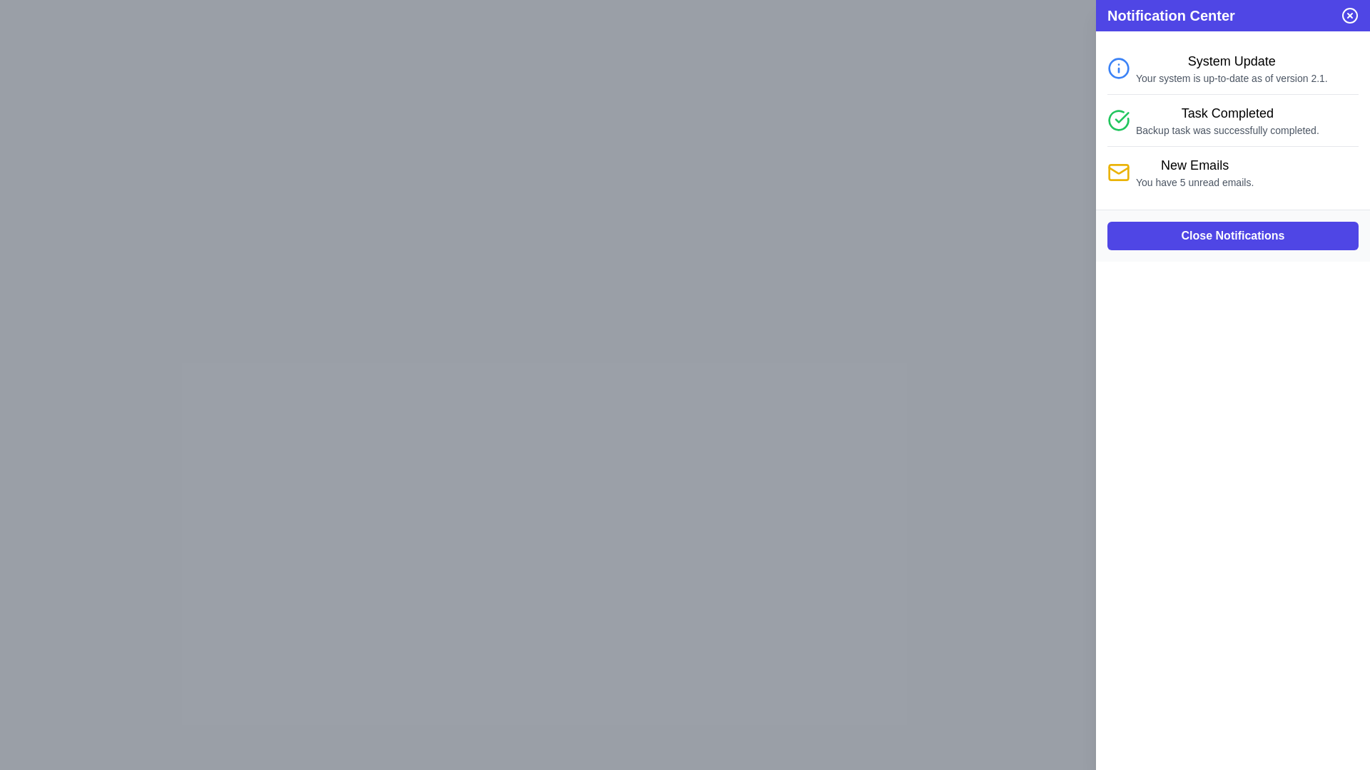 Image resolution: width=1370 pixels, height=770 pixels. What do you see at coordinates (1118, 172) in the screenshot?
I see `the yellow envelope icon representing the 'New Emails' notification in the Notification Center` at bounding box center [1118, 172].